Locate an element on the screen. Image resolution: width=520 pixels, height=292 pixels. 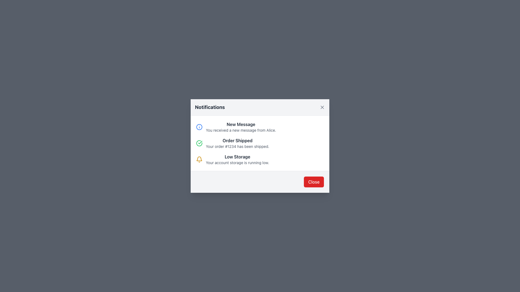
the close button, which is a small light gray 'X' icon located at the top right corner of the 'Notifications' modal window is located at coordinates (322, 107).